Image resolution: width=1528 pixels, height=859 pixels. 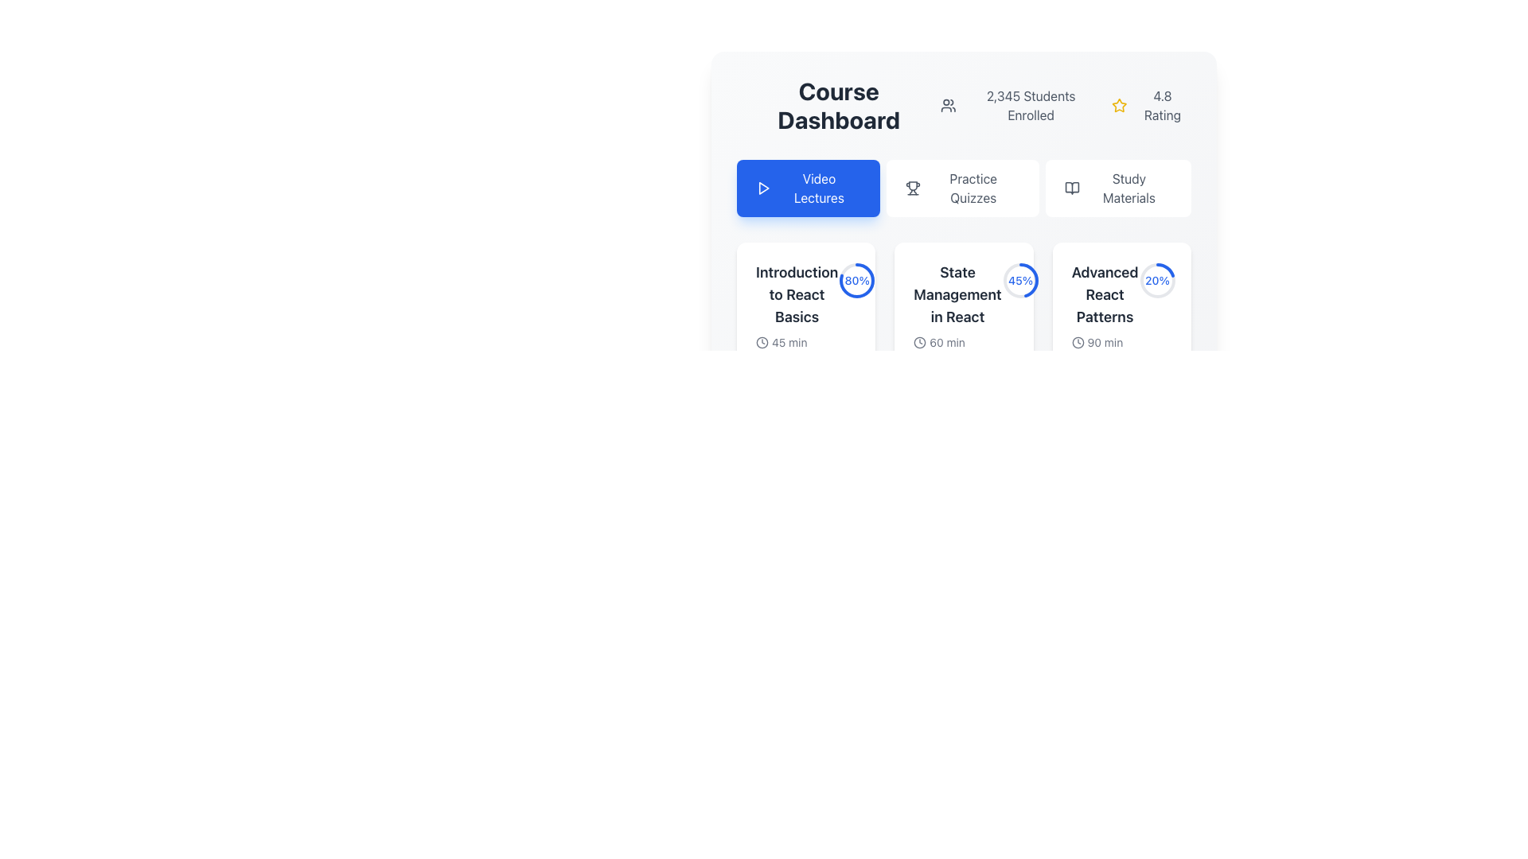 I want to click on the informational text label indicating the count of enrolled students for a course, located in the header section before the rating display, so click(x=1031, y=105).